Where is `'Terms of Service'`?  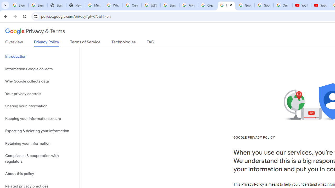
'Terms of Service' is located at coordinates (85, 43).